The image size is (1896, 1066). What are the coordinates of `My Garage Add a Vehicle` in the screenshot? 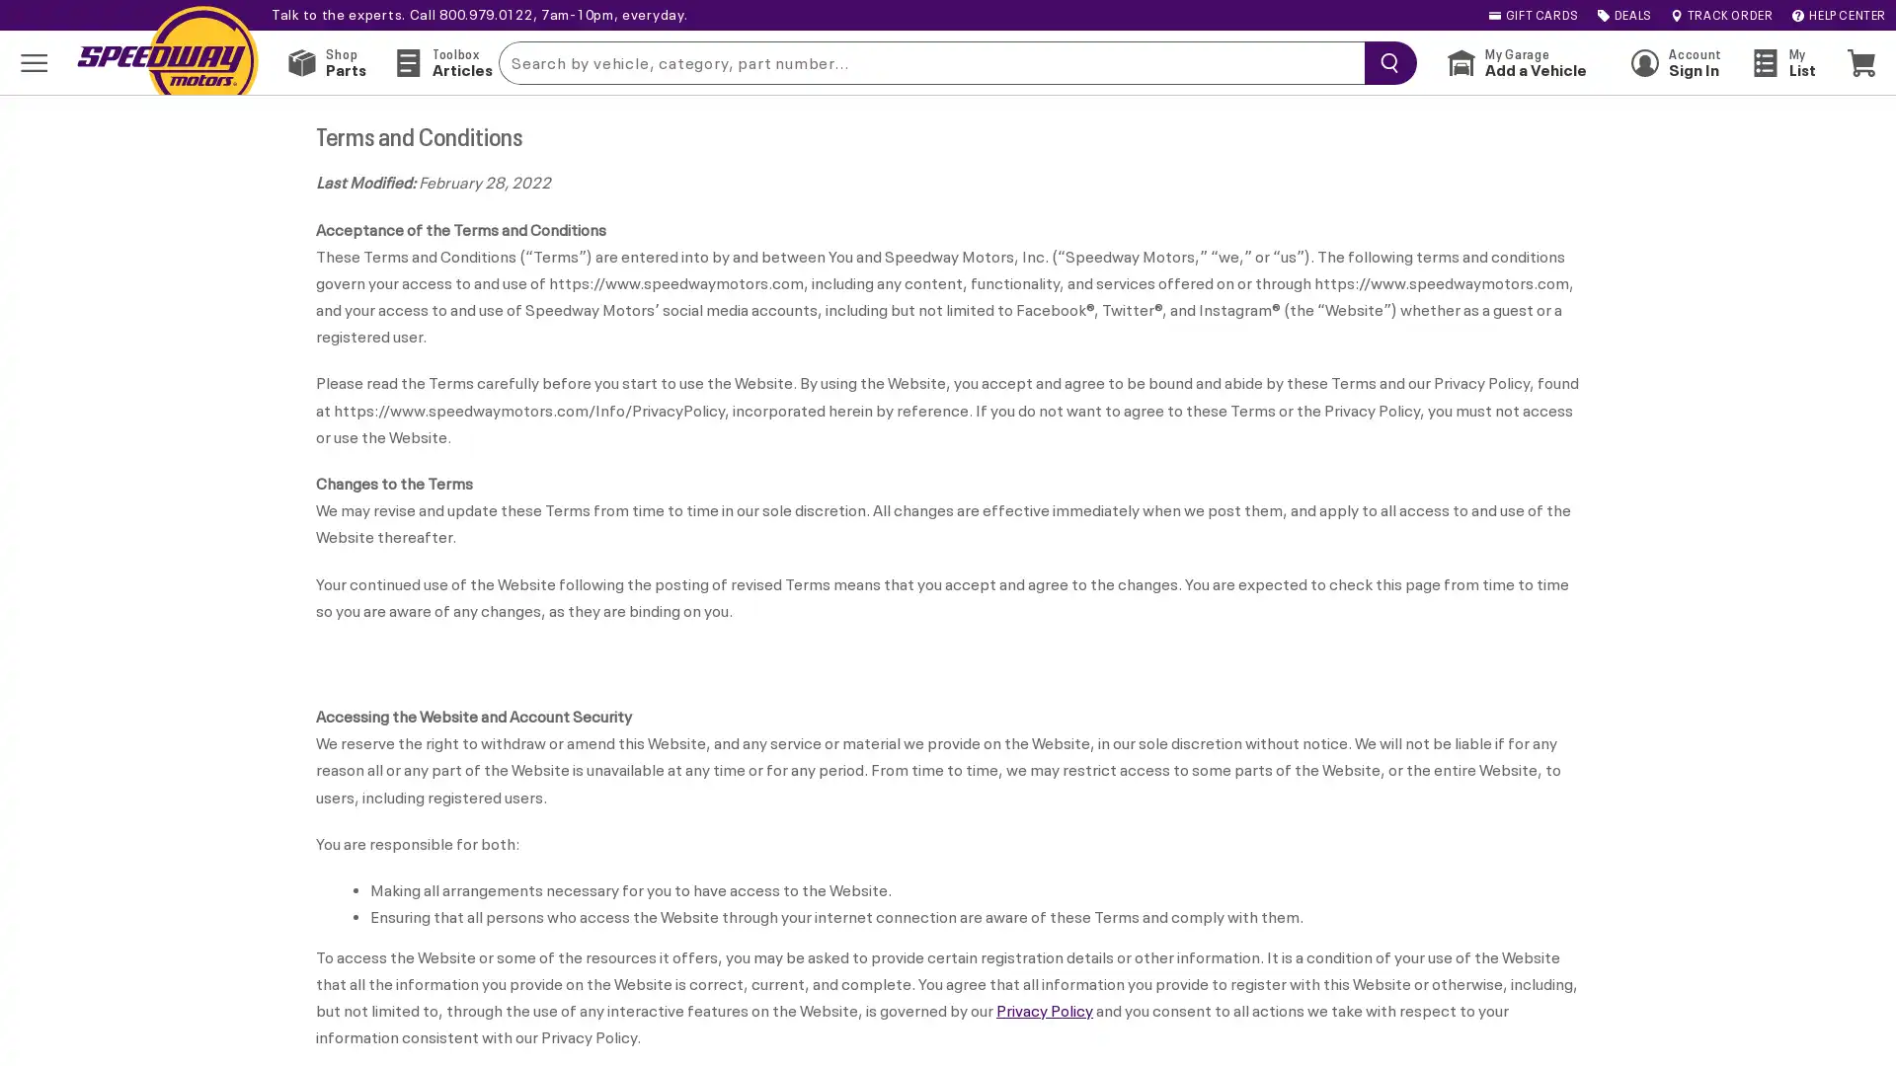 It's located at (1516, 61).